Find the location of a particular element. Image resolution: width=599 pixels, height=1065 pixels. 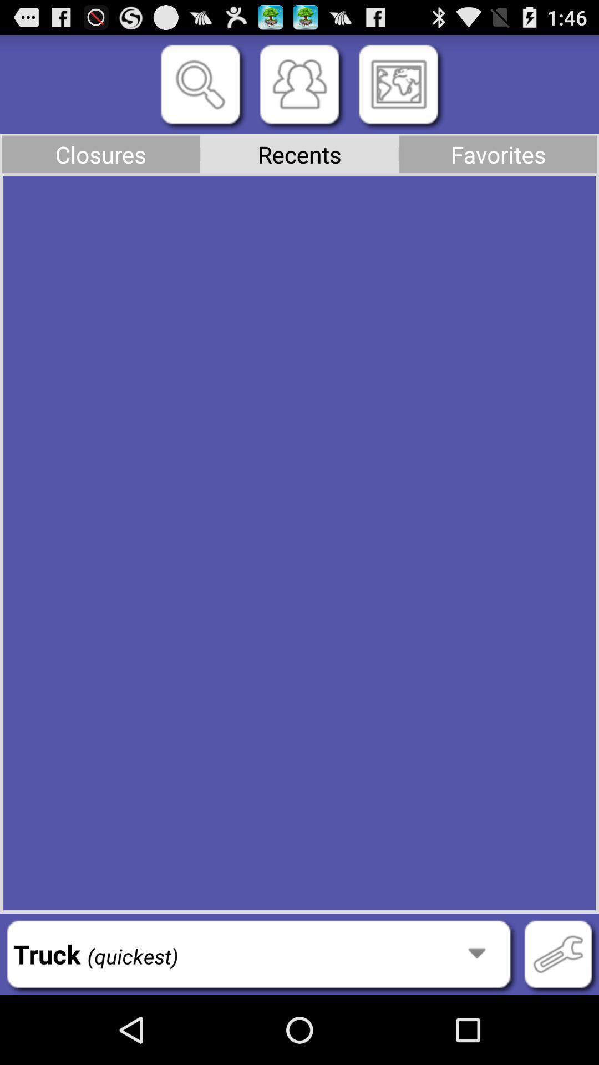

the build icon is located at coordinates (558, 1021).